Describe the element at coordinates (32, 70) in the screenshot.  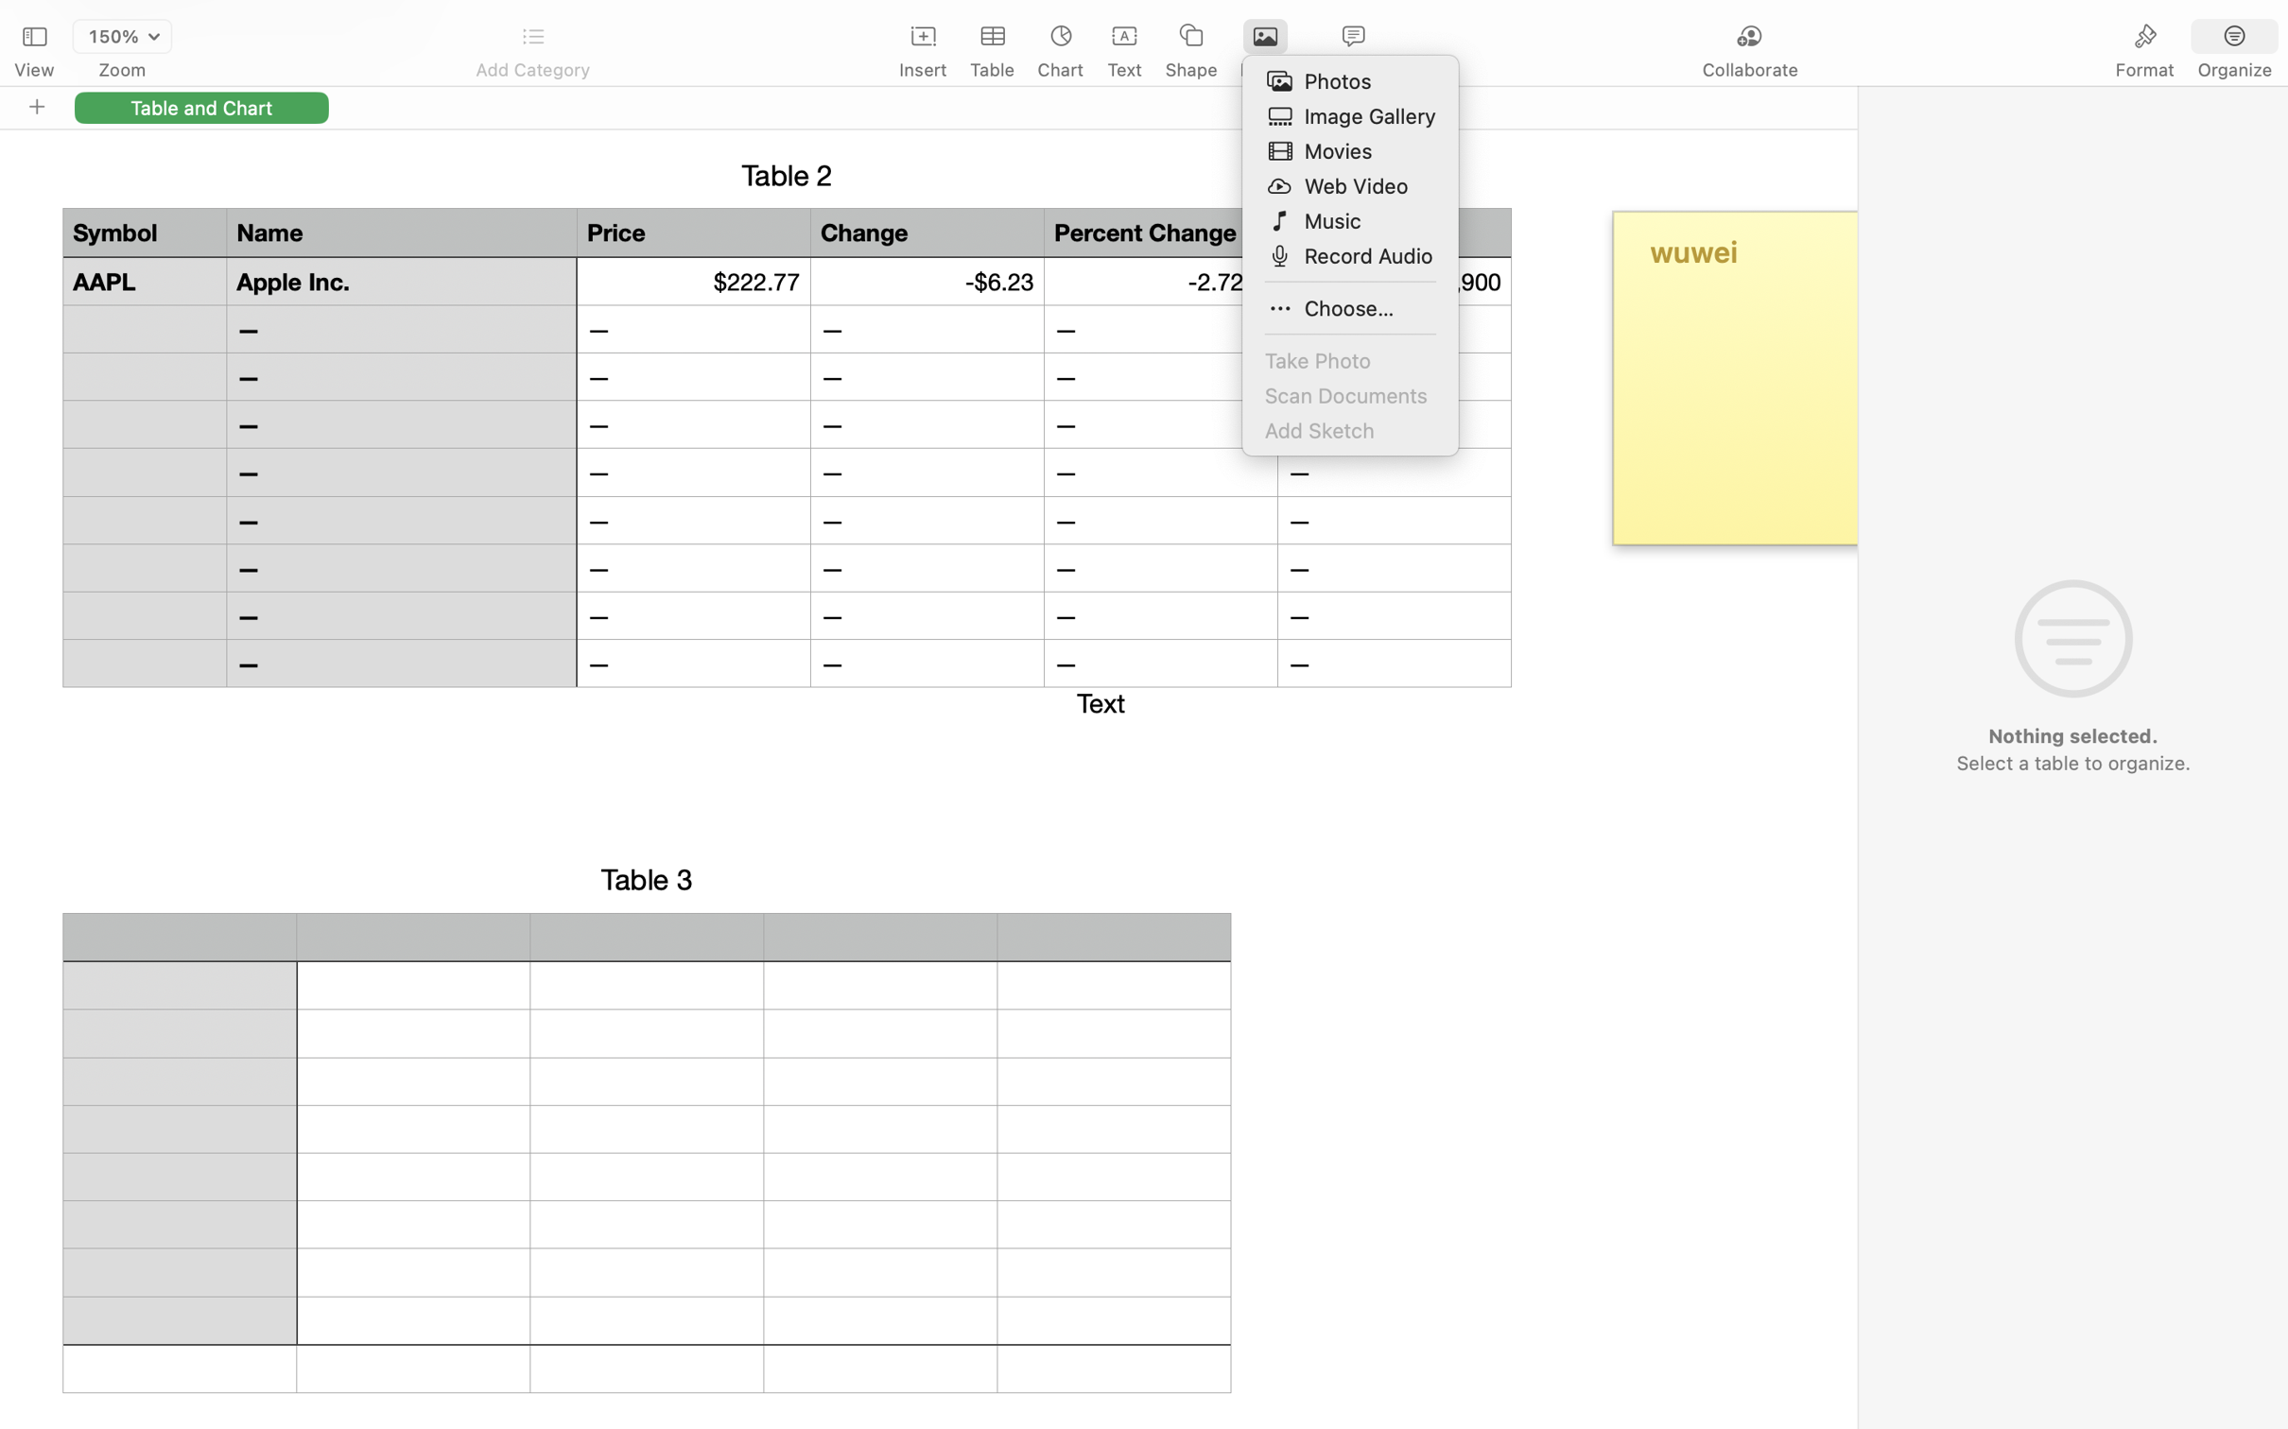
I see `'View'` at that location.